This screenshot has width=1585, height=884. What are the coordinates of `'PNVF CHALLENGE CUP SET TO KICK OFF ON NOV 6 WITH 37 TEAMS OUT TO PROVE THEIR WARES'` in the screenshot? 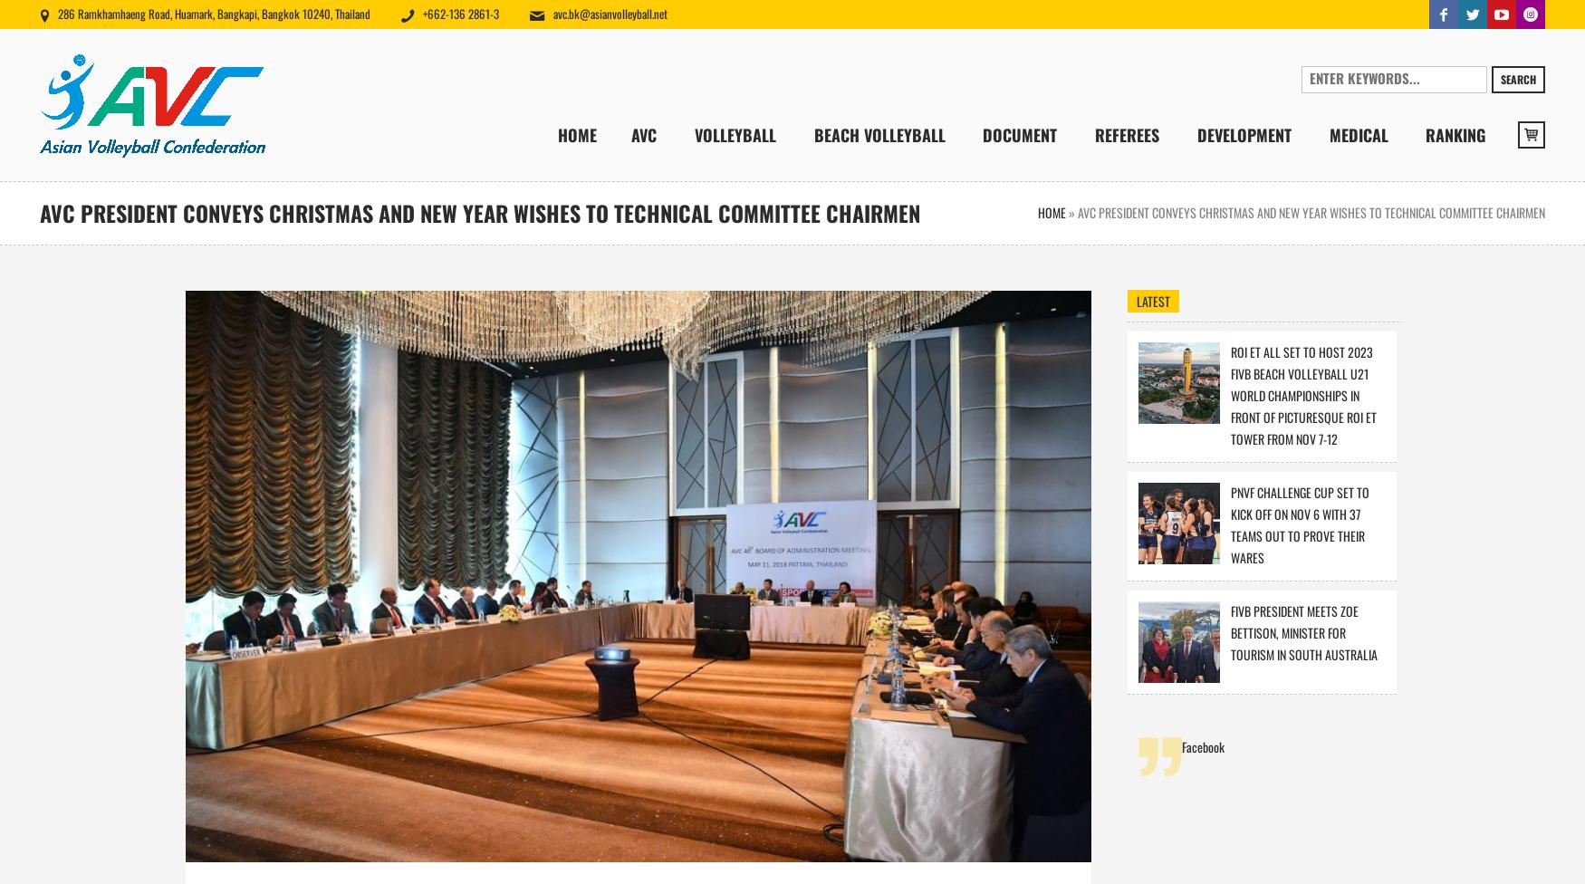 It's located at (1298, 524).